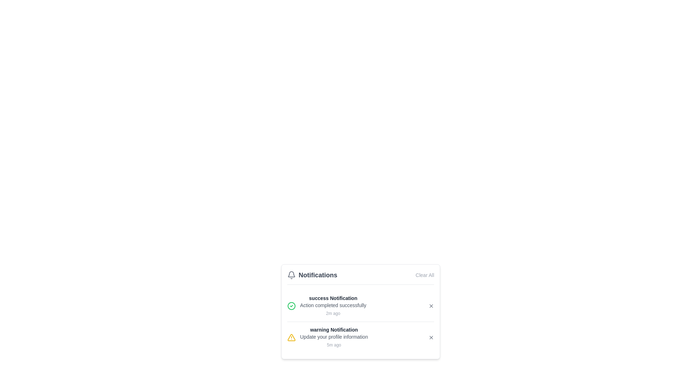 The width and height of the screenshot is (681, 383). What do you see at coordinates (361, 311) in the screenshot?
I see `the 'Clear All' button in the Notification panel` at bounding box center [361, 311].